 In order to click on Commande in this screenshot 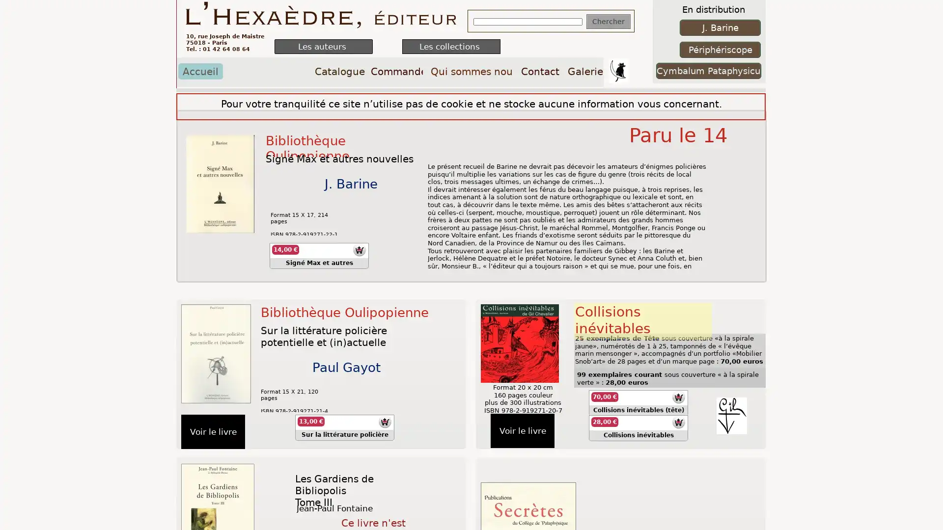, I will do `click(396, 71)`.